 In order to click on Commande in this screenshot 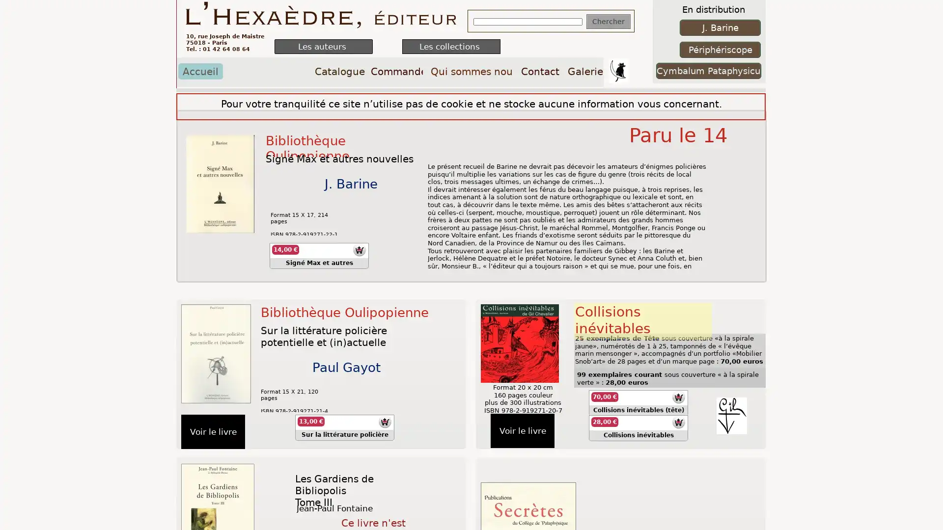, I will do `click(396, 71)`.